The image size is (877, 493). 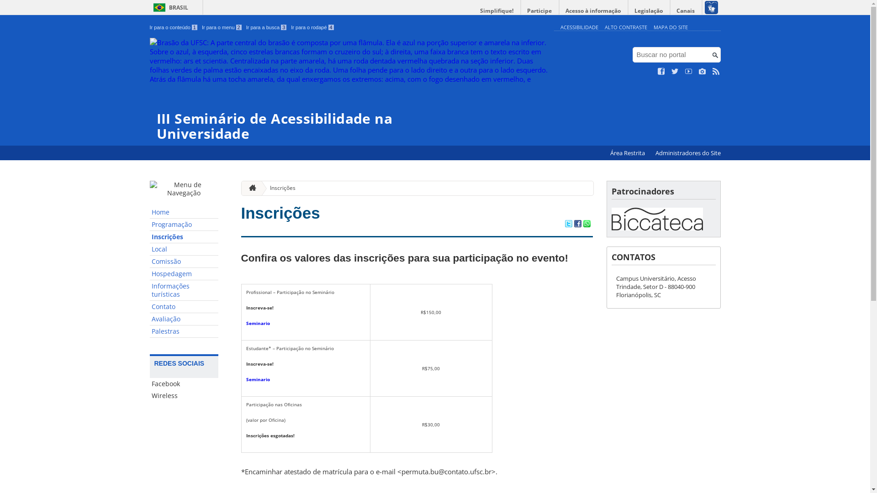 What do you see at coordinates (702, 71) in the screenshot?
I see `'Veja no Instagram'` at bounding box center [702, 71].